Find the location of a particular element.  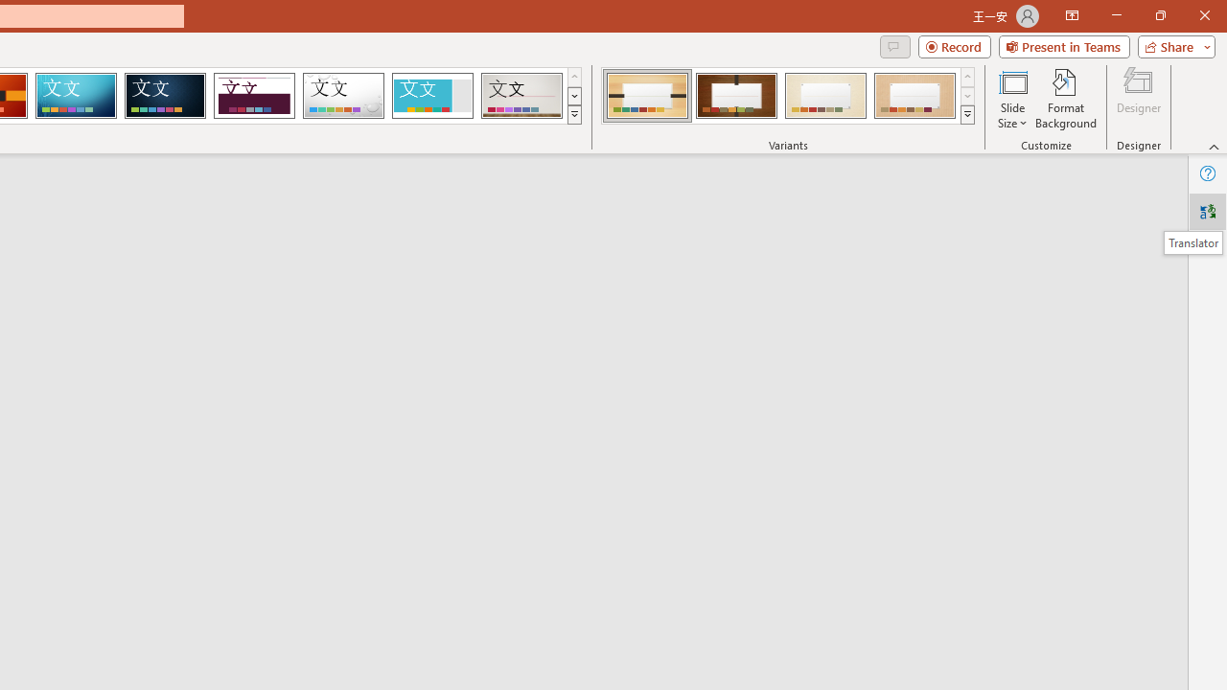

'Droplet' is located at coordinates (343, 96).